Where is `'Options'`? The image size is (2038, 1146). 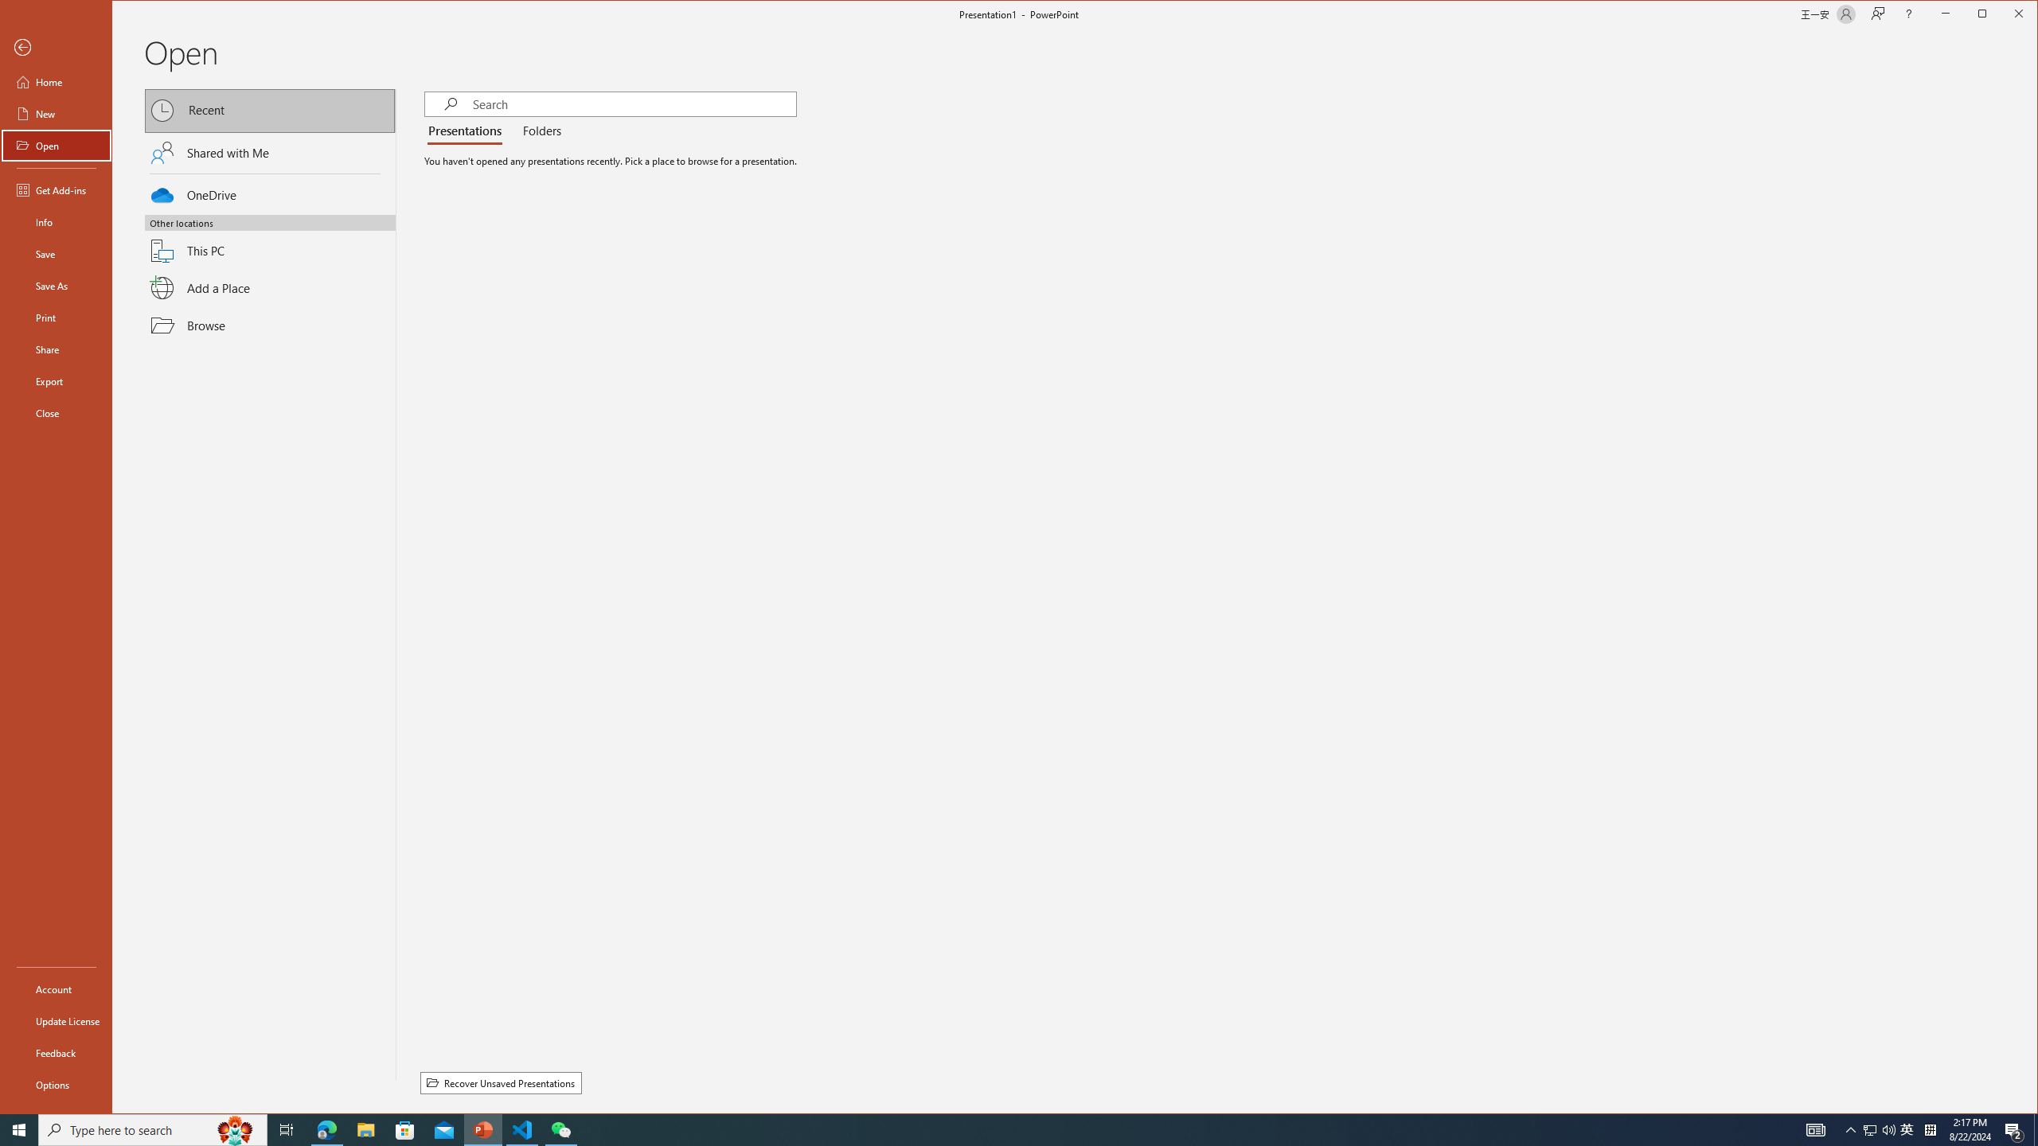
'Options' is located at coordinates (55, 1084).